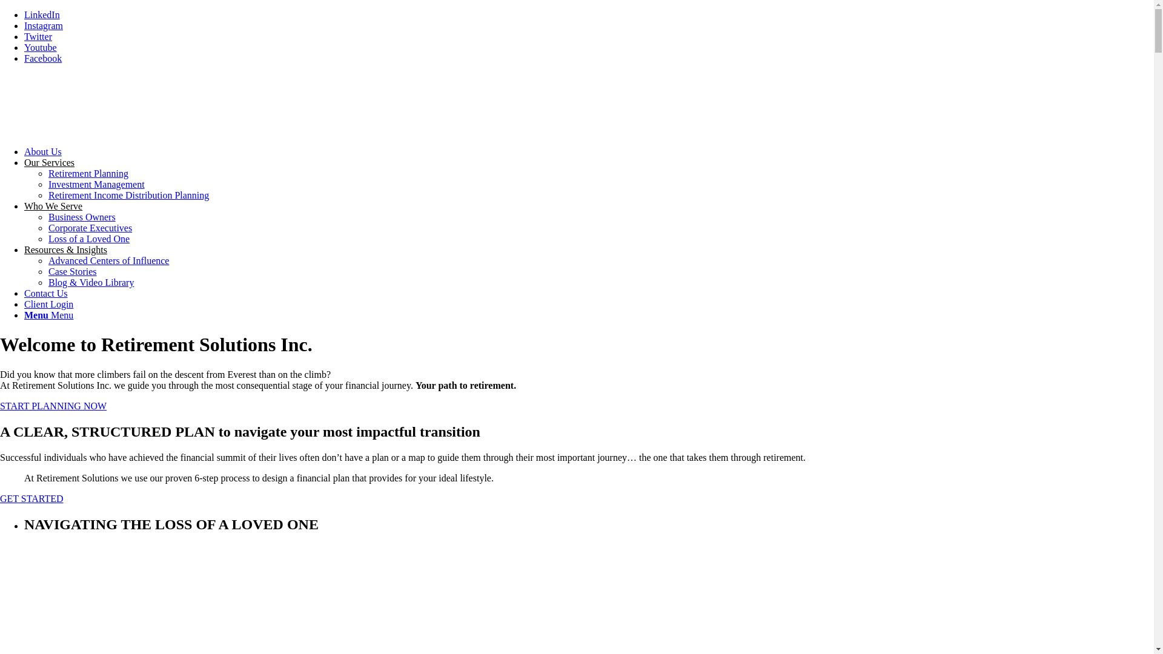 The height and width of the screenshot is (654, 1163). What do you see at coordinates (48, 228) in the screenshot?
I see `'Corporate Executives'` at bounding box center [48, 228].